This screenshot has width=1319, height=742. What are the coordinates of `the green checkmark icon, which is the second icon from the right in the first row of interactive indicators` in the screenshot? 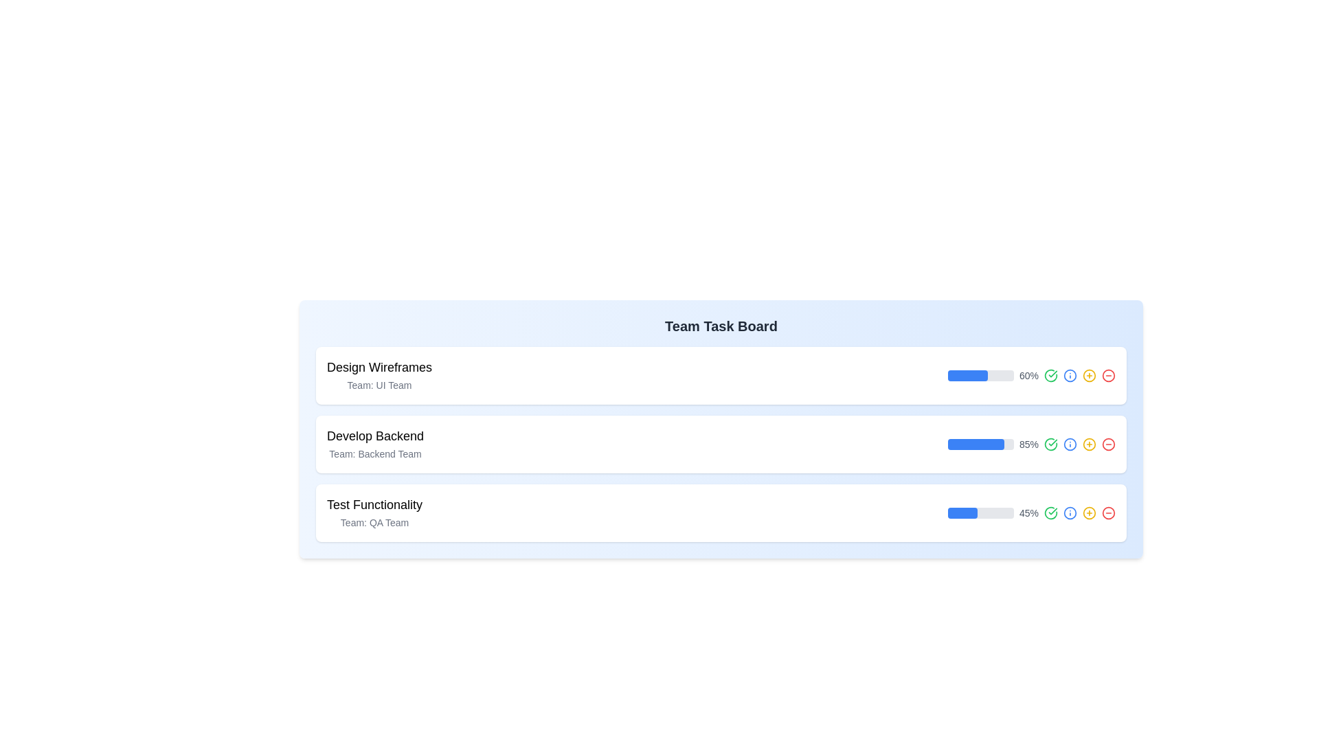 It's located at (1050, 376).